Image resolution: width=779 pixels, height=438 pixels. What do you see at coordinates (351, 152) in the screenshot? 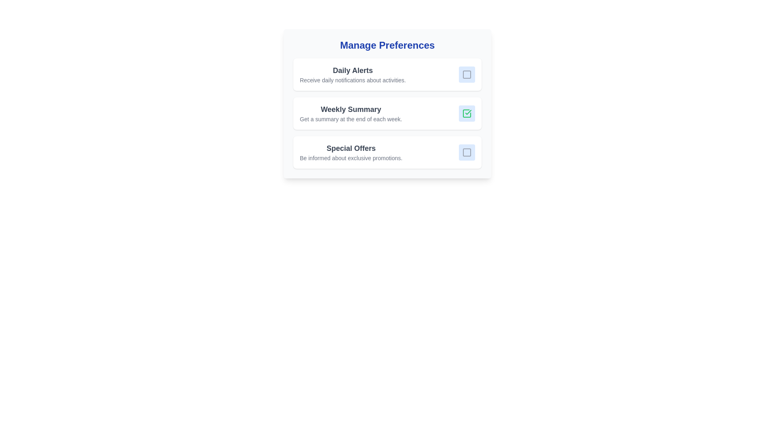
I see `the text display area titled 'Special Offers' to potentially reveal additional details` at bounding box center [351, 152].